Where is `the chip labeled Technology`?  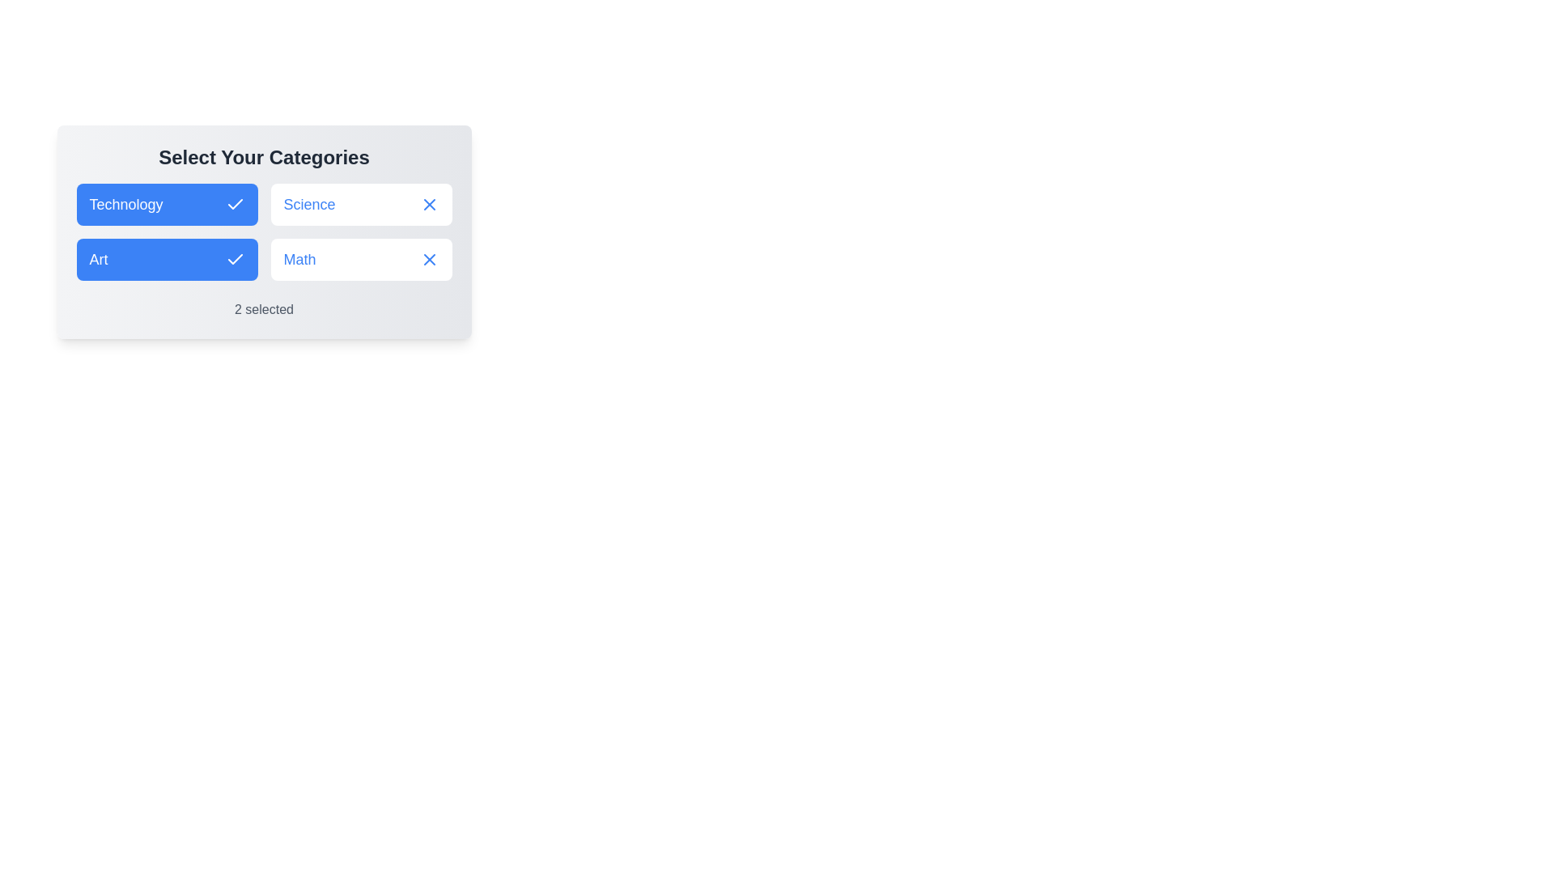
the chip labeled Technology is located at coordinates (167, 204).